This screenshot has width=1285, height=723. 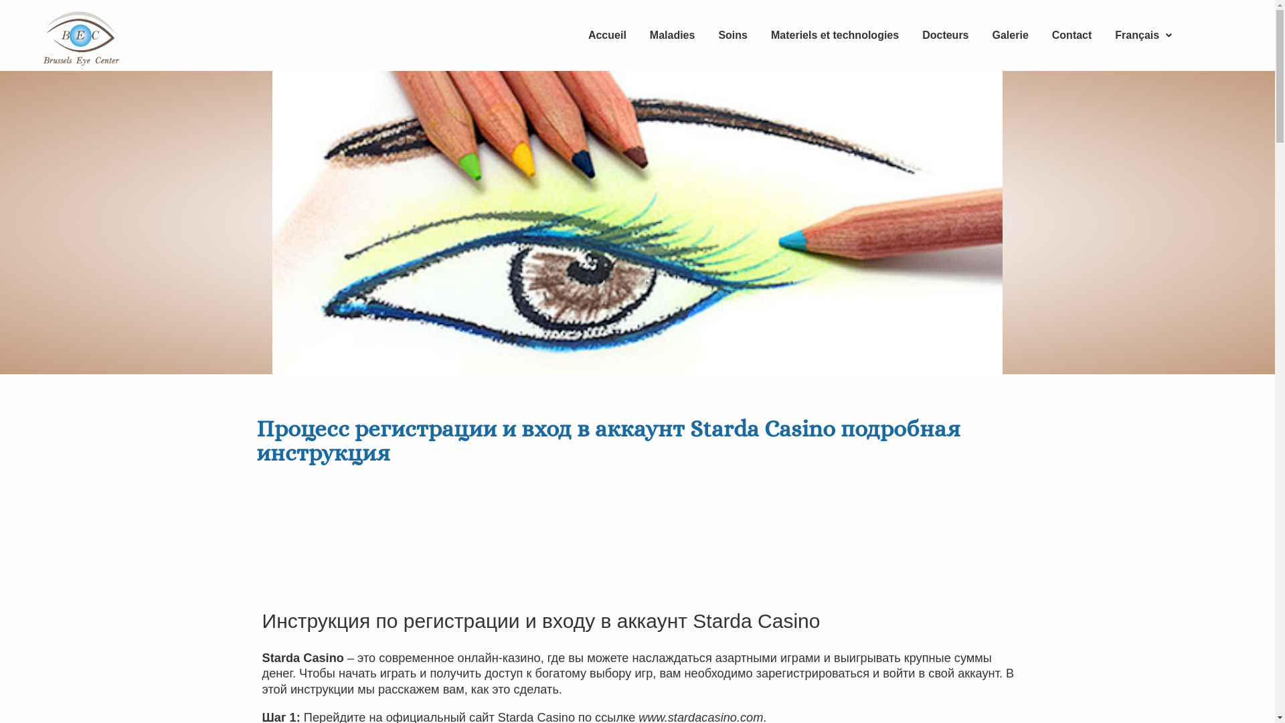 I want to click on 'Materiels et technologies', so click(x=834, y=35).